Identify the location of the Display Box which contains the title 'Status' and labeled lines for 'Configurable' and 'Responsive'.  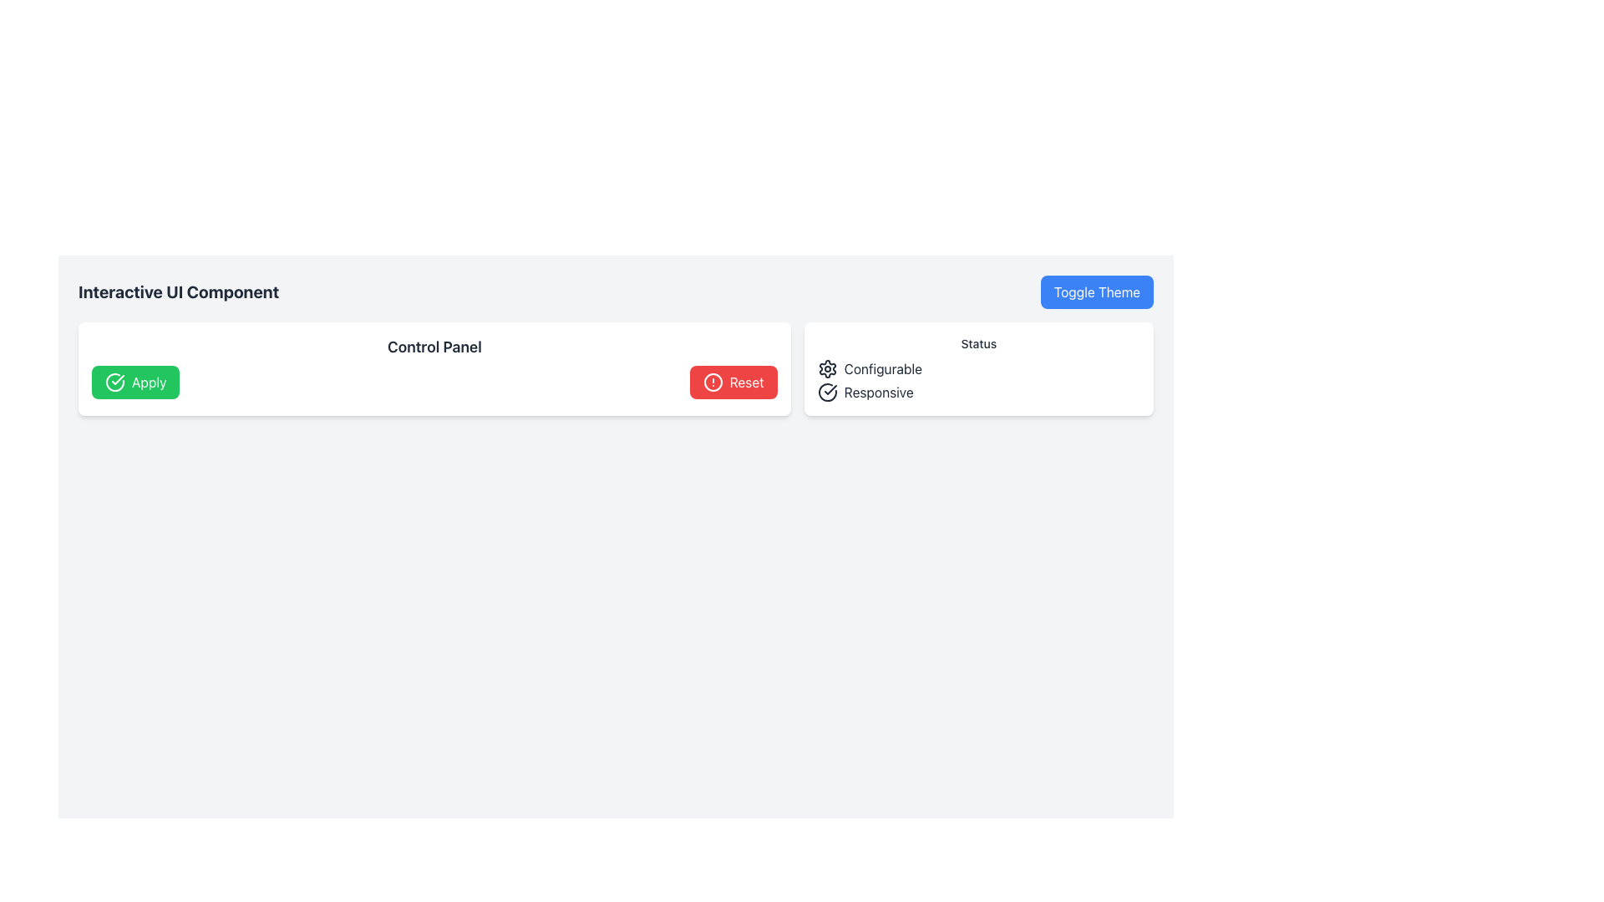
(978, 368).